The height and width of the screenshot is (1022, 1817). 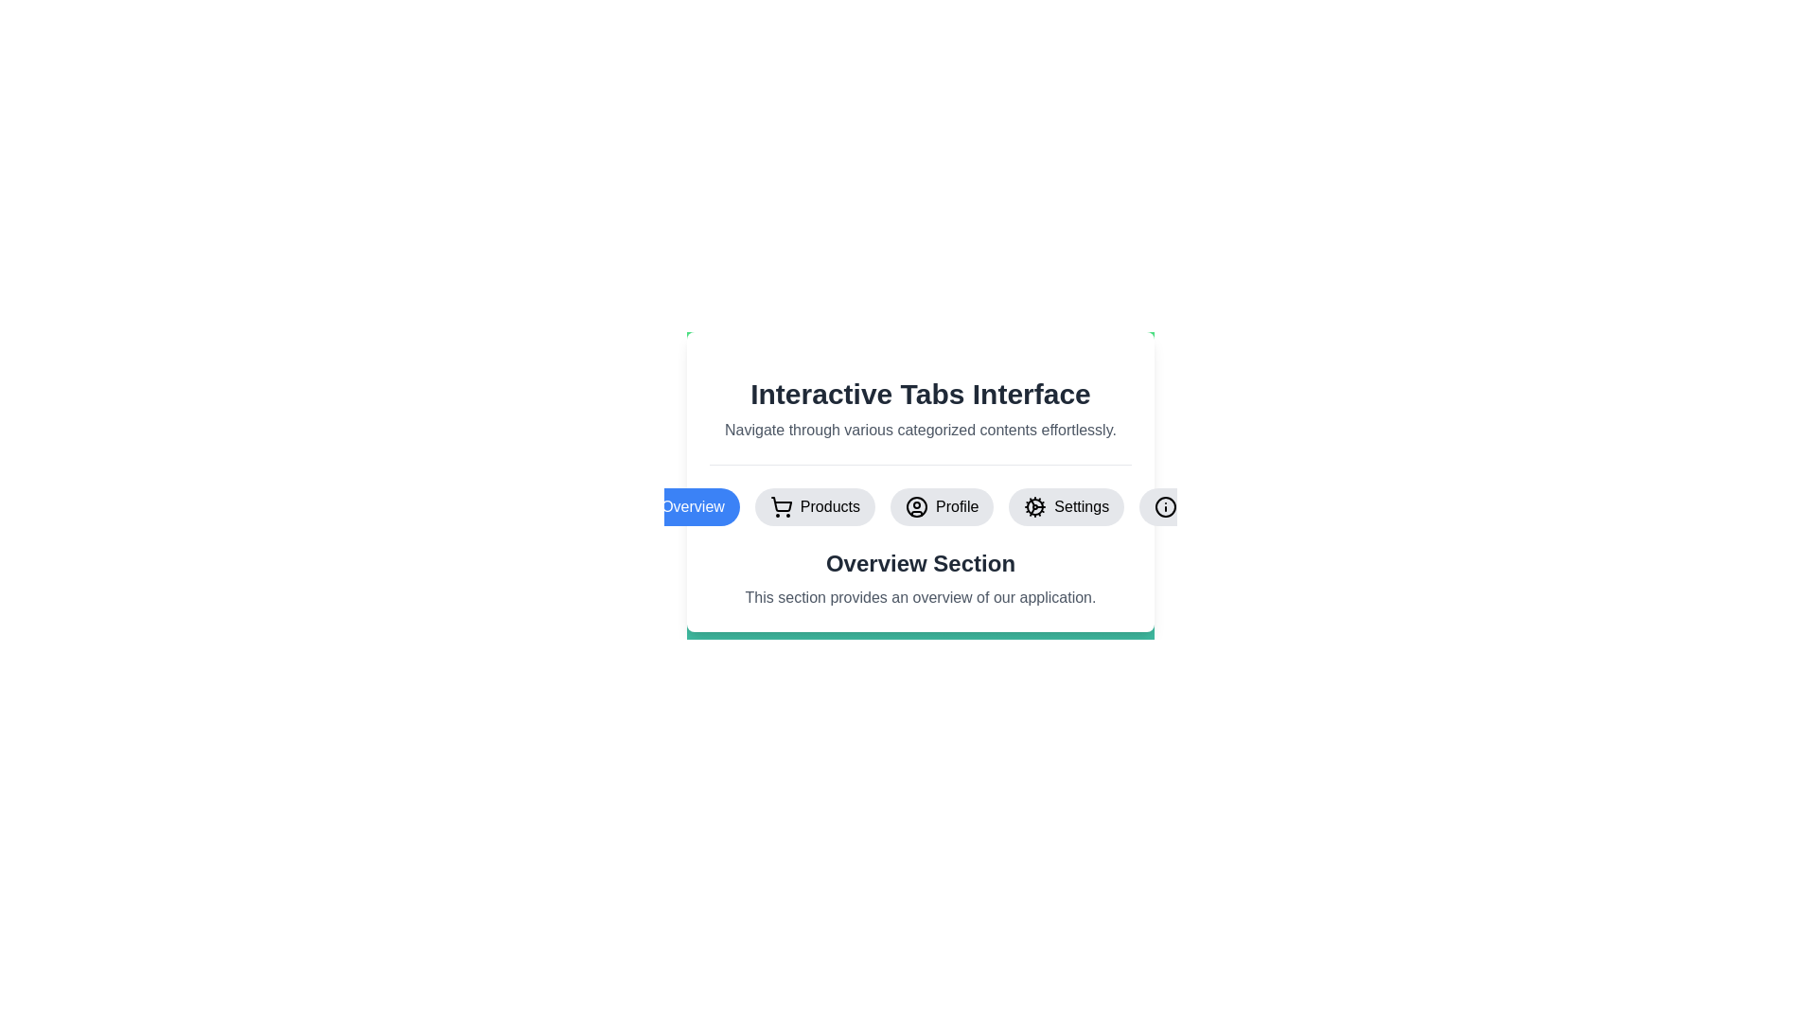 I want to click on the informational indicator icon located in the 'Info' group, so click(x=1165, y=506).